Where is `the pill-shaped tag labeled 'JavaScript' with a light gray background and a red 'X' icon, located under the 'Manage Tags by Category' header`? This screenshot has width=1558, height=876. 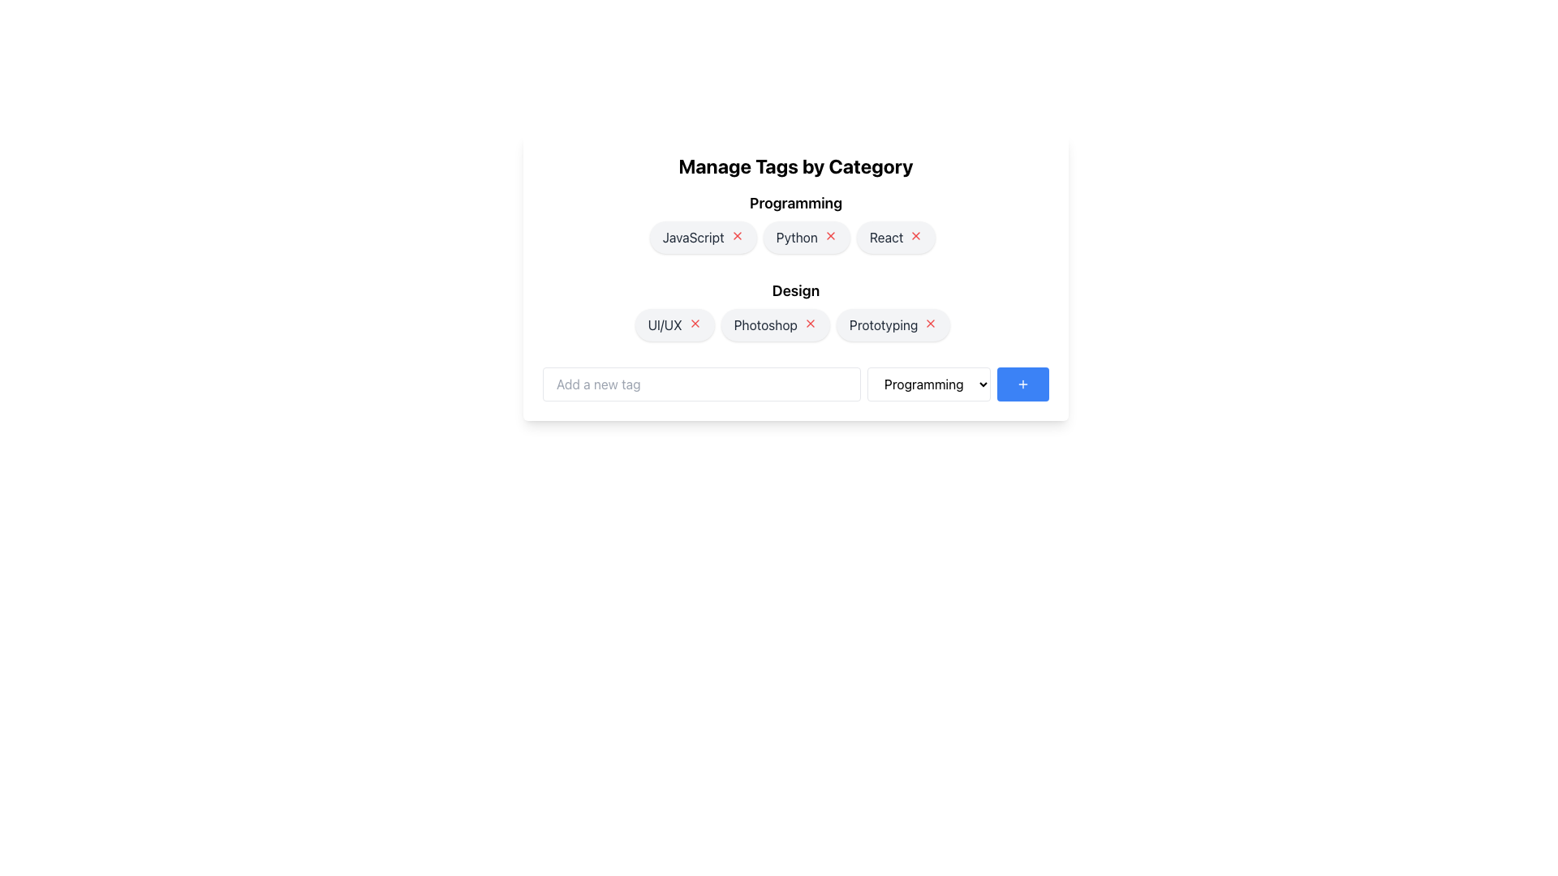
the pill-shaped tag labeled 'JavaScript' with a light gray background and a red 'X' icon, located under the 'Manage Tags by Category' header is located at coordinates (703, 238).